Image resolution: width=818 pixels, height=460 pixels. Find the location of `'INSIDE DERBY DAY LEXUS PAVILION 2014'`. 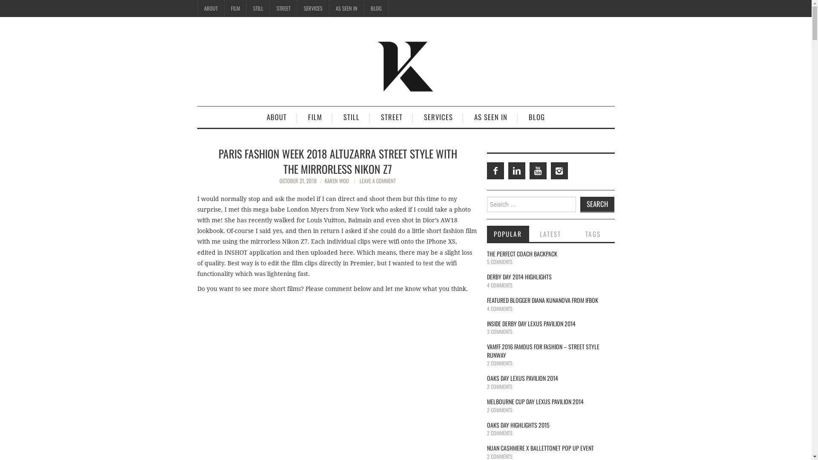

'INSIDE DERBY DAY LEXUS PAVILION 2014' is located at coordinates (487, 323).